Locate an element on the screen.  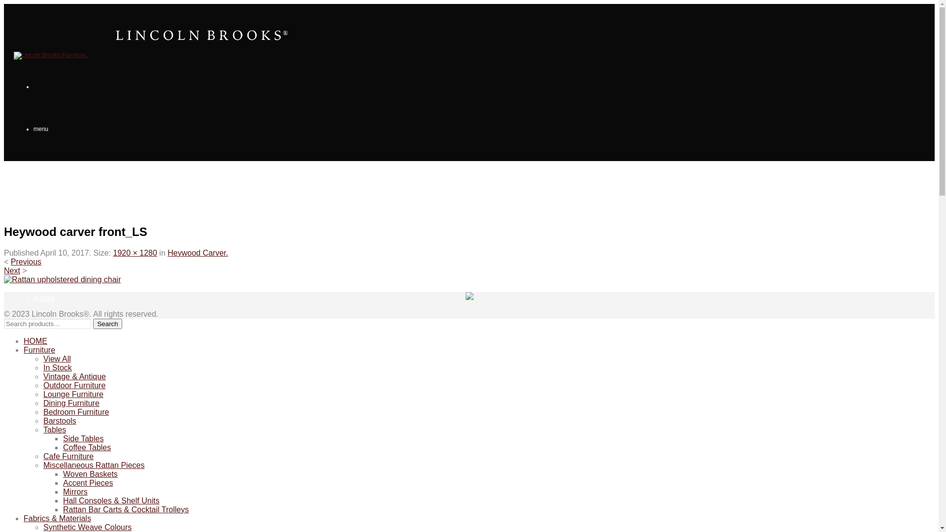
'Instagram' is located at coordinates (468, 297).